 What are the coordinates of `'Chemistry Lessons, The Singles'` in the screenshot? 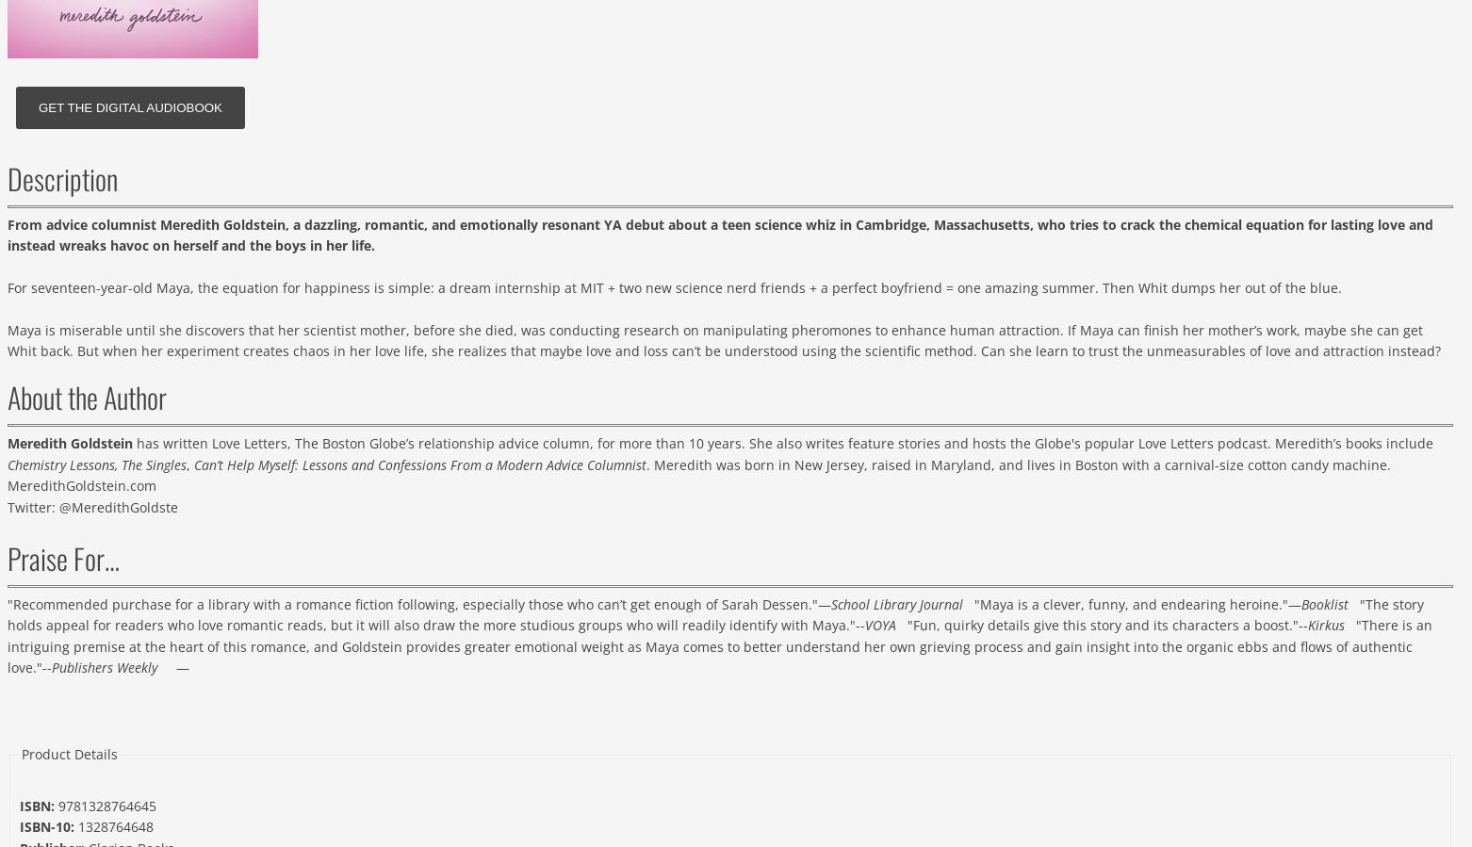 It's located at (96, 464).